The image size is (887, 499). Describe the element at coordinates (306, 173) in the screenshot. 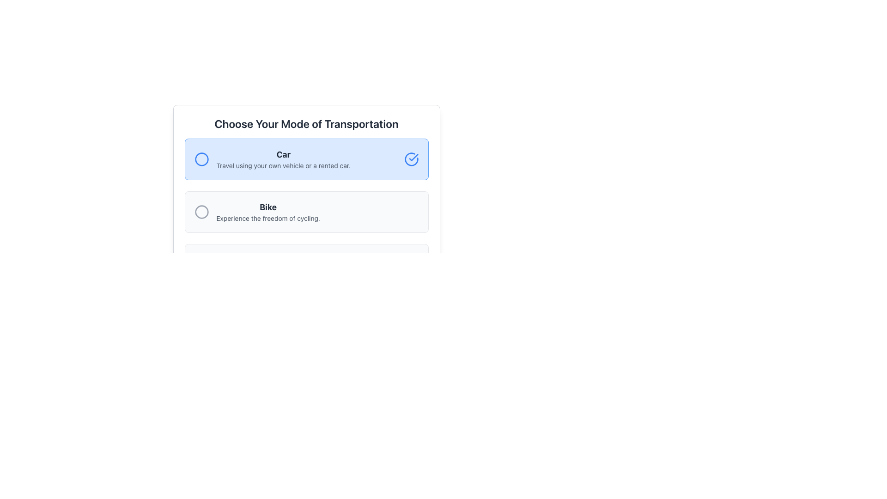

I see `the first selectable option for 'Car' under the 'Choose Your Mode of Transportation' section` at that location.